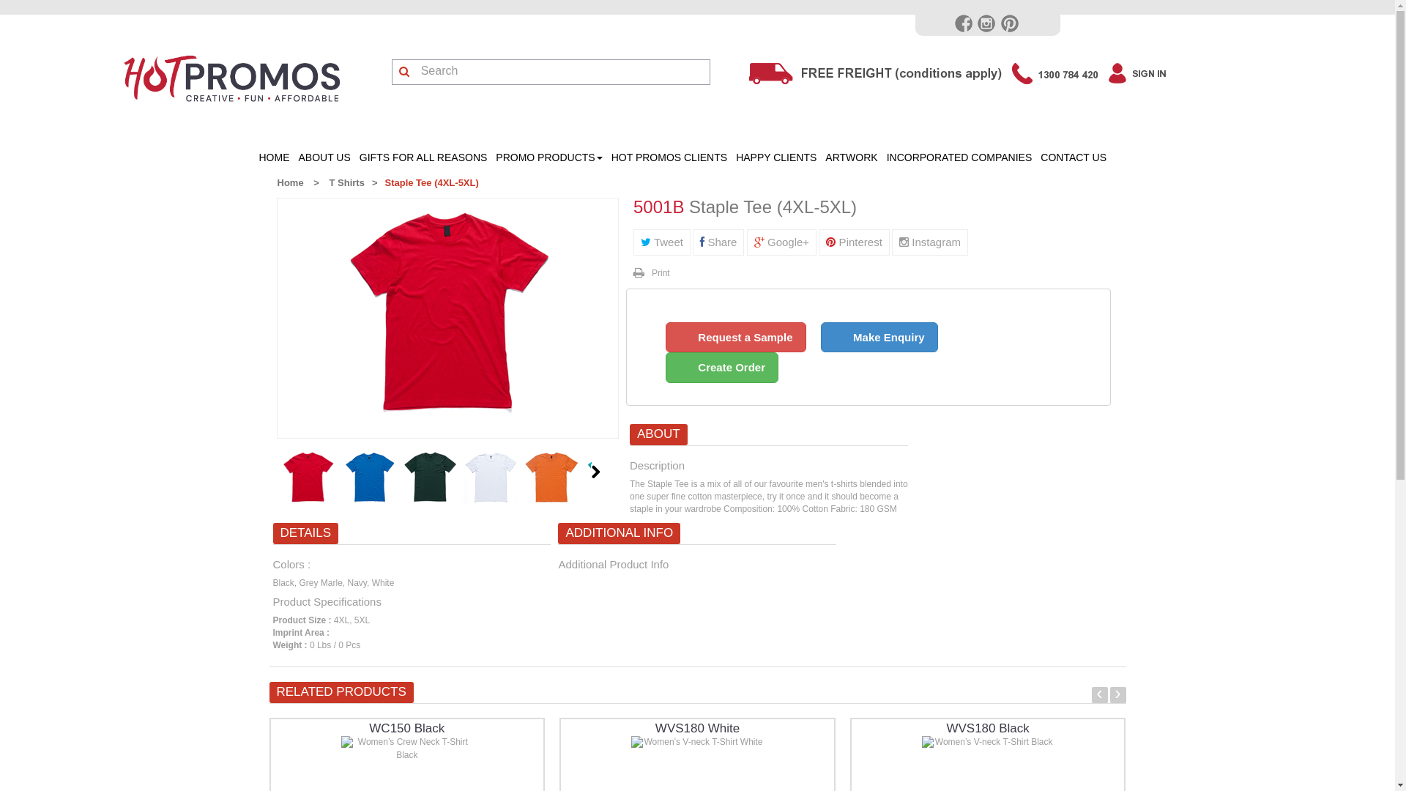  I want to click on 'CONTACT US', so click(1073, 157).